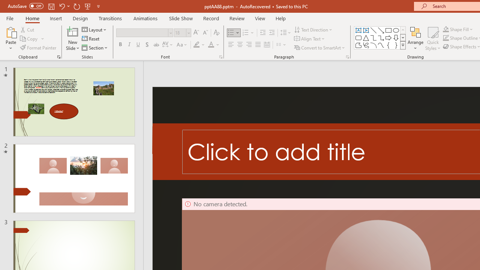 Image resolution: width=480 pixels, height=270 pixels. Describe the element at coordinates (415, 39) in the screenshot. I see `'Arrange'` at that location.